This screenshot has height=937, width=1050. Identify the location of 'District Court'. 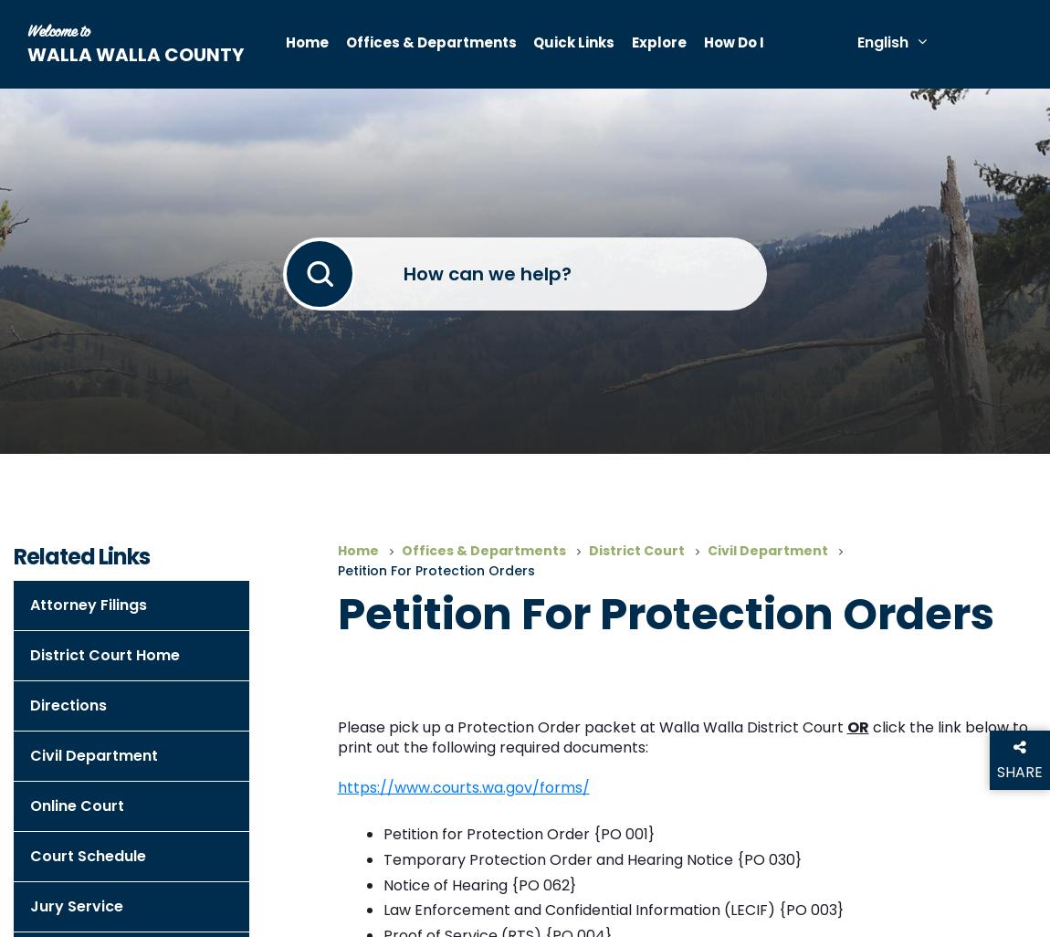
(635, 548).